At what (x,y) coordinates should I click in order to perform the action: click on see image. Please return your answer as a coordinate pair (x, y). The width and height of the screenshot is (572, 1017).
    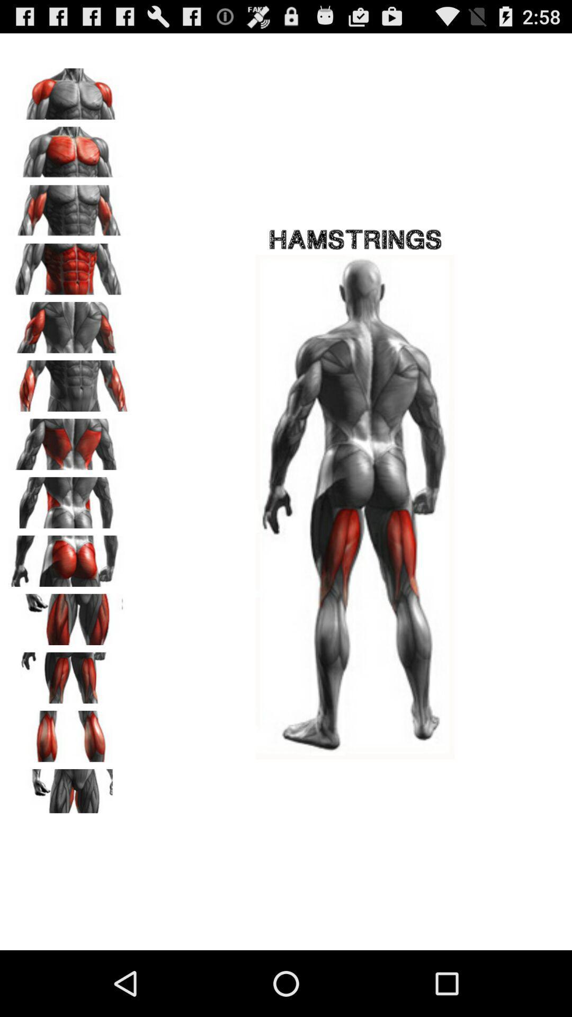
    Looking at the image, I should click on (69, 323).